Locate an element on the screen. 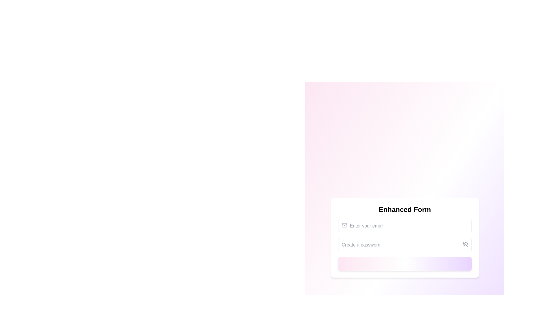 The height and width of the screenshot is (311, 553). the gray envelope icon representing email, located to the left of the email input field with the placeholder text 'Enter your email' is located at coordinates (344, 225).